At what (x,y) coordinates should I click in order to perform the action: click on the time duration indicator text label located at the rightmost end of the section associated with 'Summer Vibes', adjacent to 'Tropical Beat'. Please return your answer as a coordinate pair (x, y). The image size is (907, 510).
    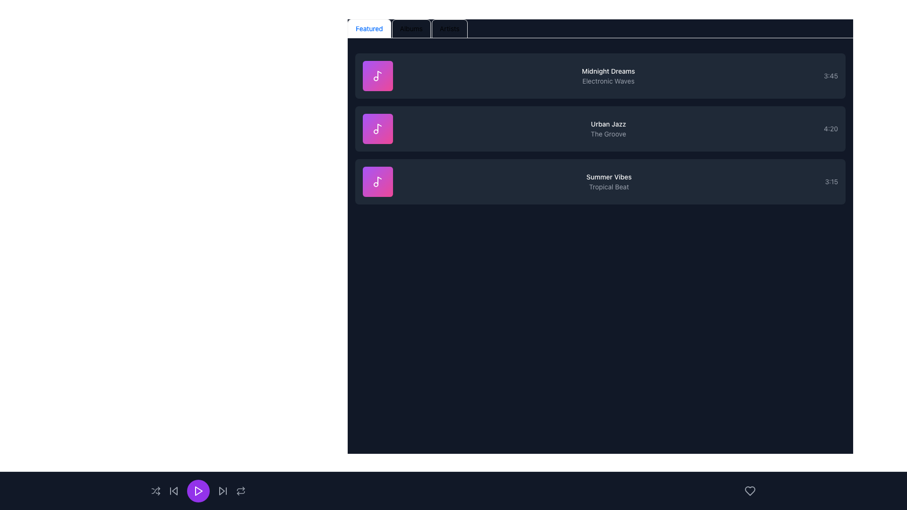
    Looking at the image, I should click on (831, 182).